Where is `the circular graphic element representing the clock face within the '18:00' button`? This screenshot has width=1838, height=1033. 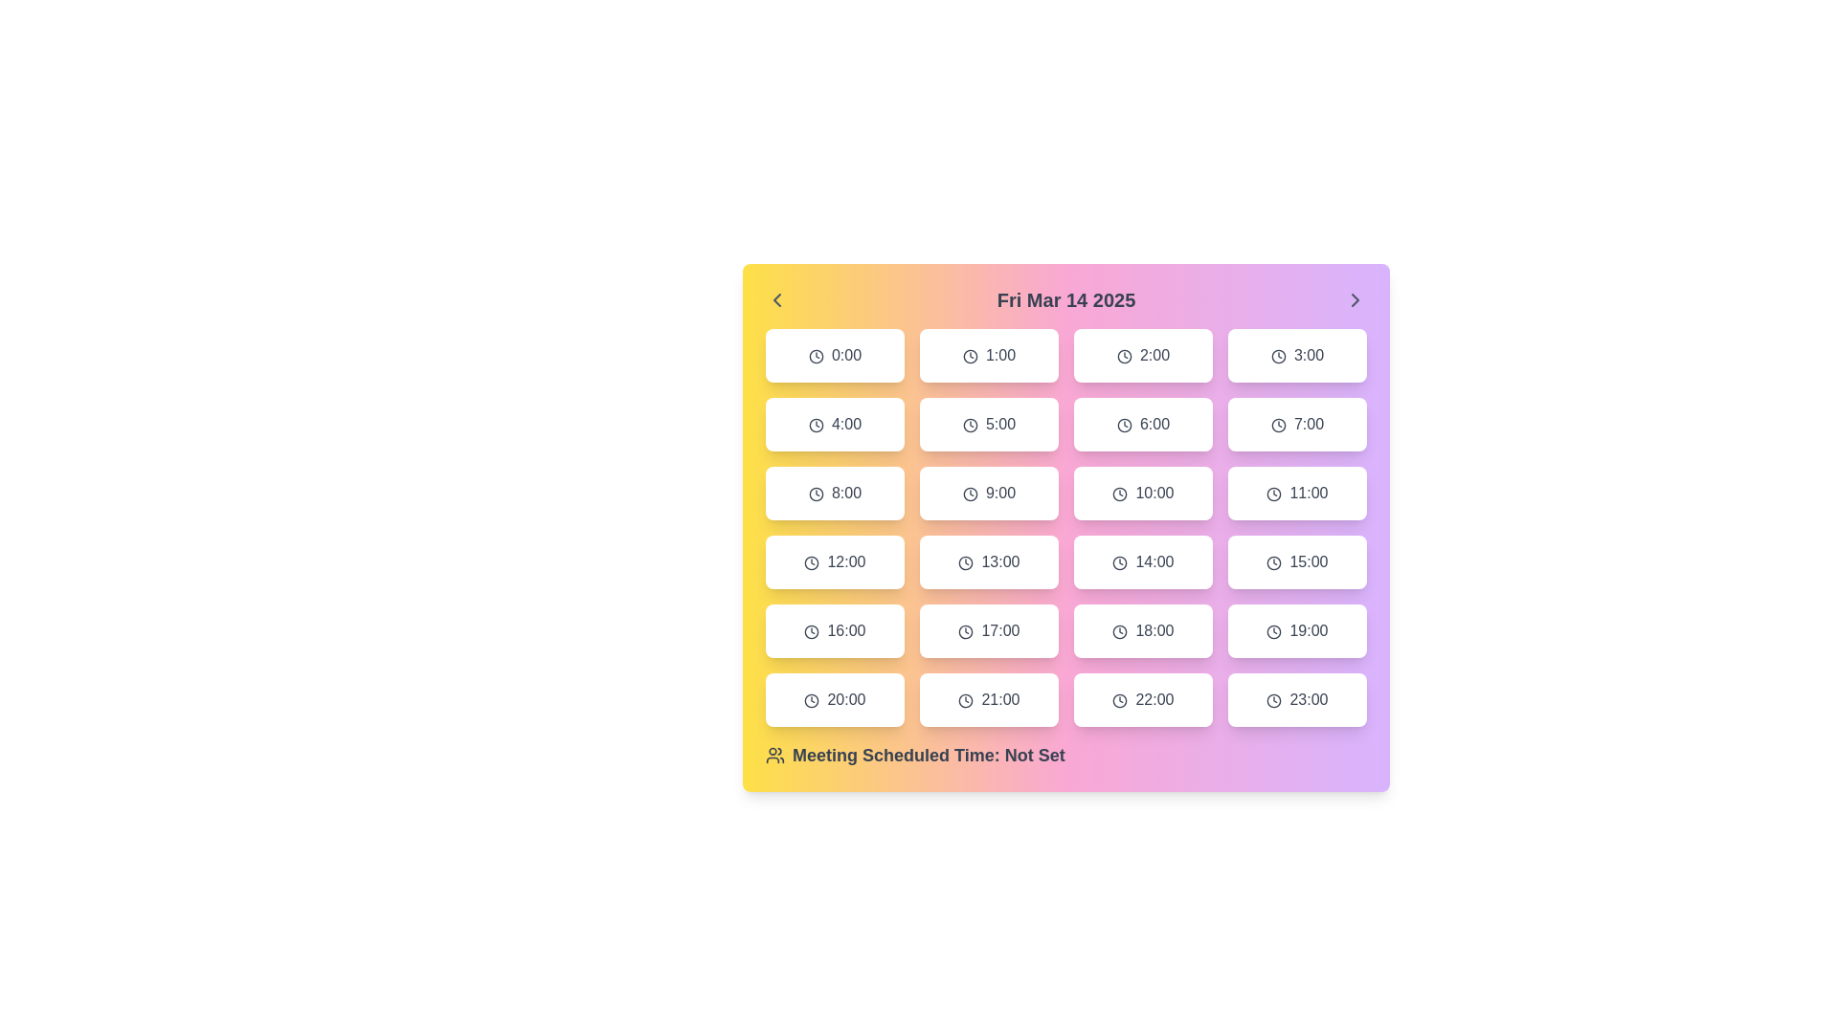
the circular graphic element representing the clock face within the '18:00' button is located at coordinates (1120, 631).